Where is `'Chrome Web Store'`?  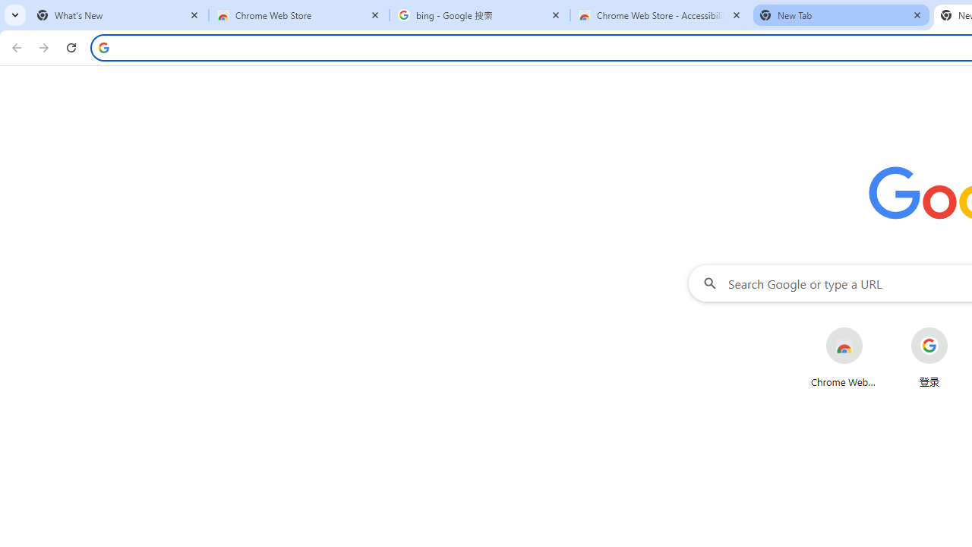 'Chrome Web Store' is located at coordinates (843, 357).